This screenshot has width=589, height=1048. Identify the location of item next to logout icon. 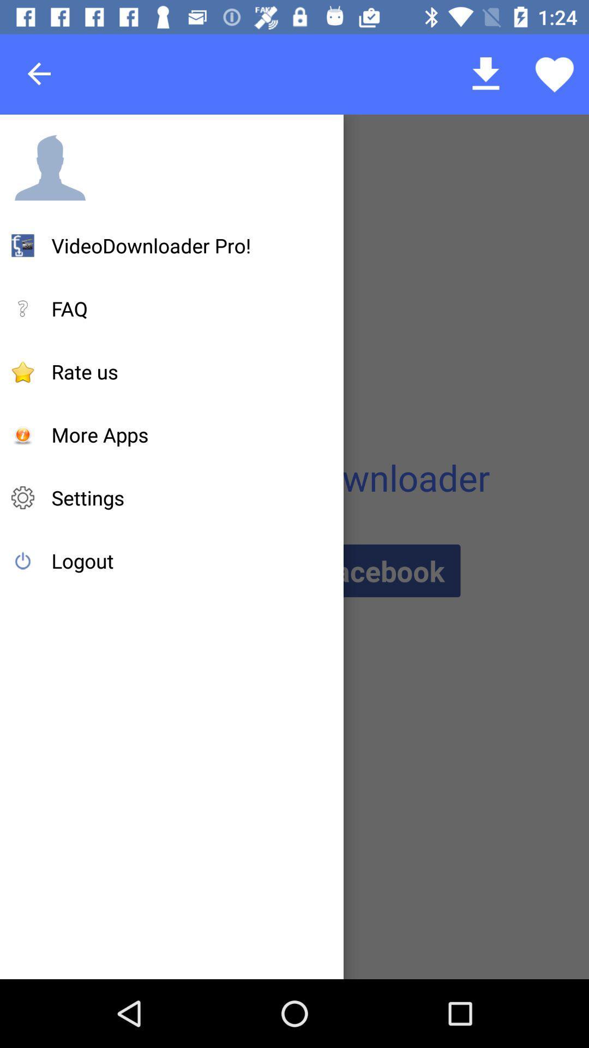
(293, 570).